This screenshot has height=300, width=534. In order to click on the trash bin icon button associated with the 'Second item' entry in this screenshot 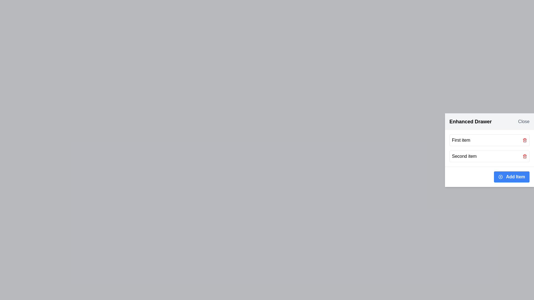, I will do `click(524, 140)`.